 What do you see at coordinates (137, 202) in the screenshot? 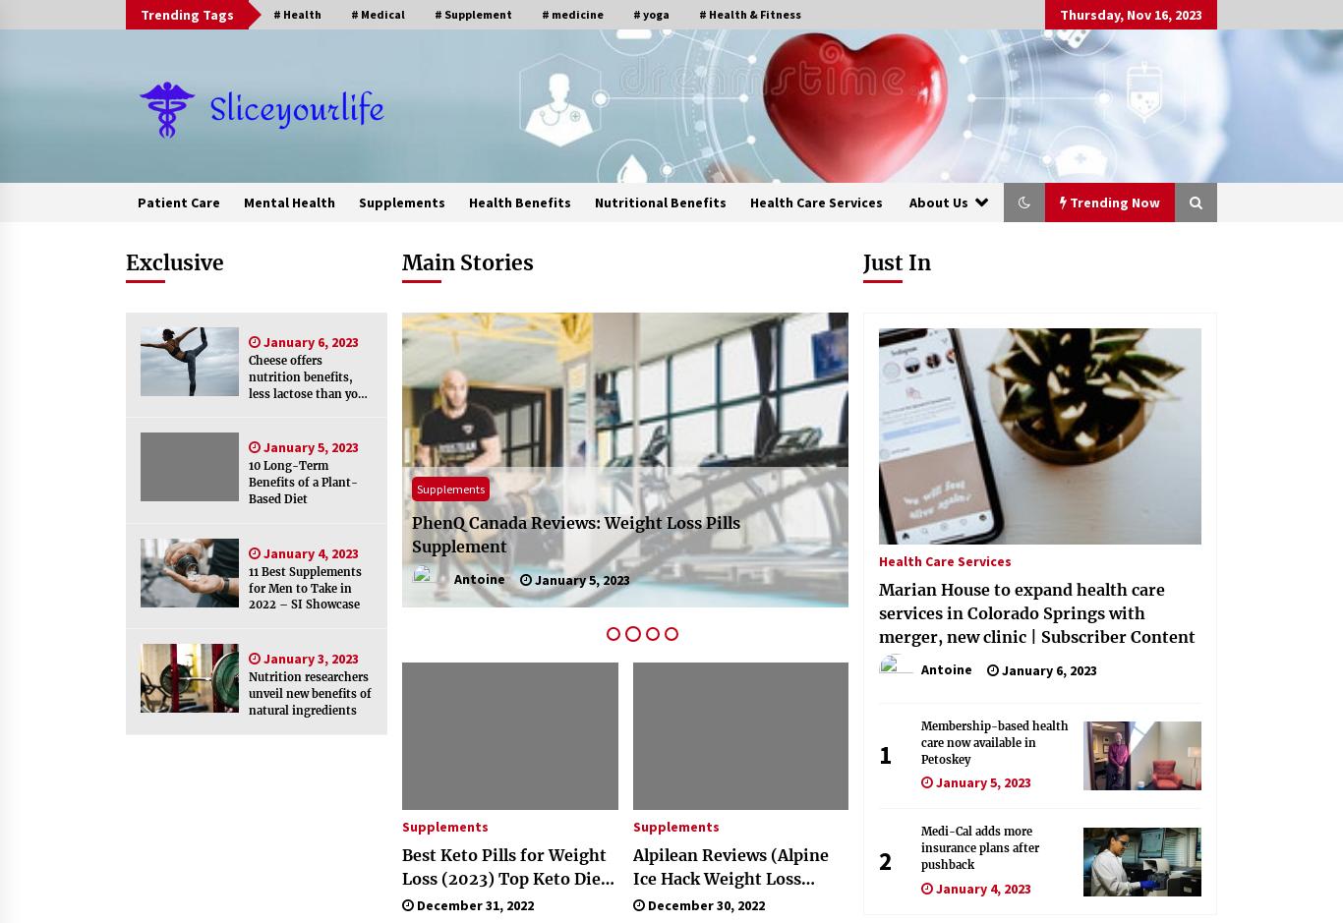
I see `'Patient Care'` at bounding box center [137, 202].